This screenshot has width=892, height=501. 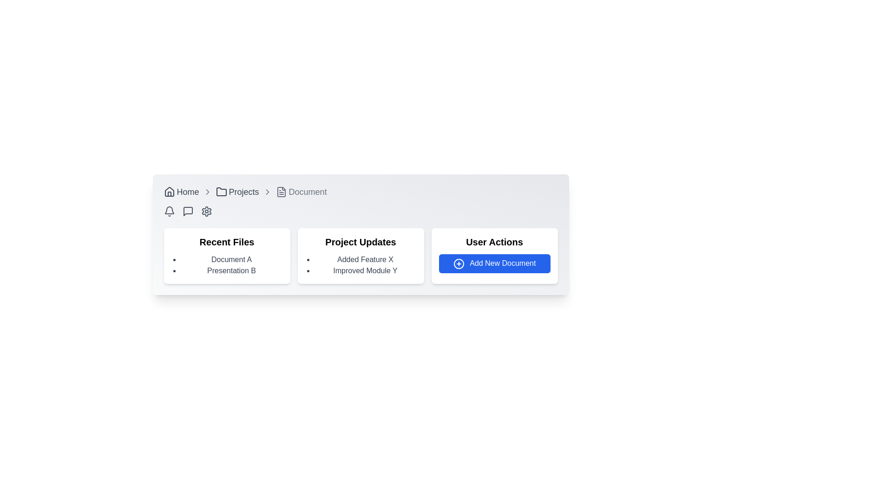 What do you see at coordinates (206, 211) in the screenshot?
I see `the gear-like icon button for settings` at bounding box center [206, 211].